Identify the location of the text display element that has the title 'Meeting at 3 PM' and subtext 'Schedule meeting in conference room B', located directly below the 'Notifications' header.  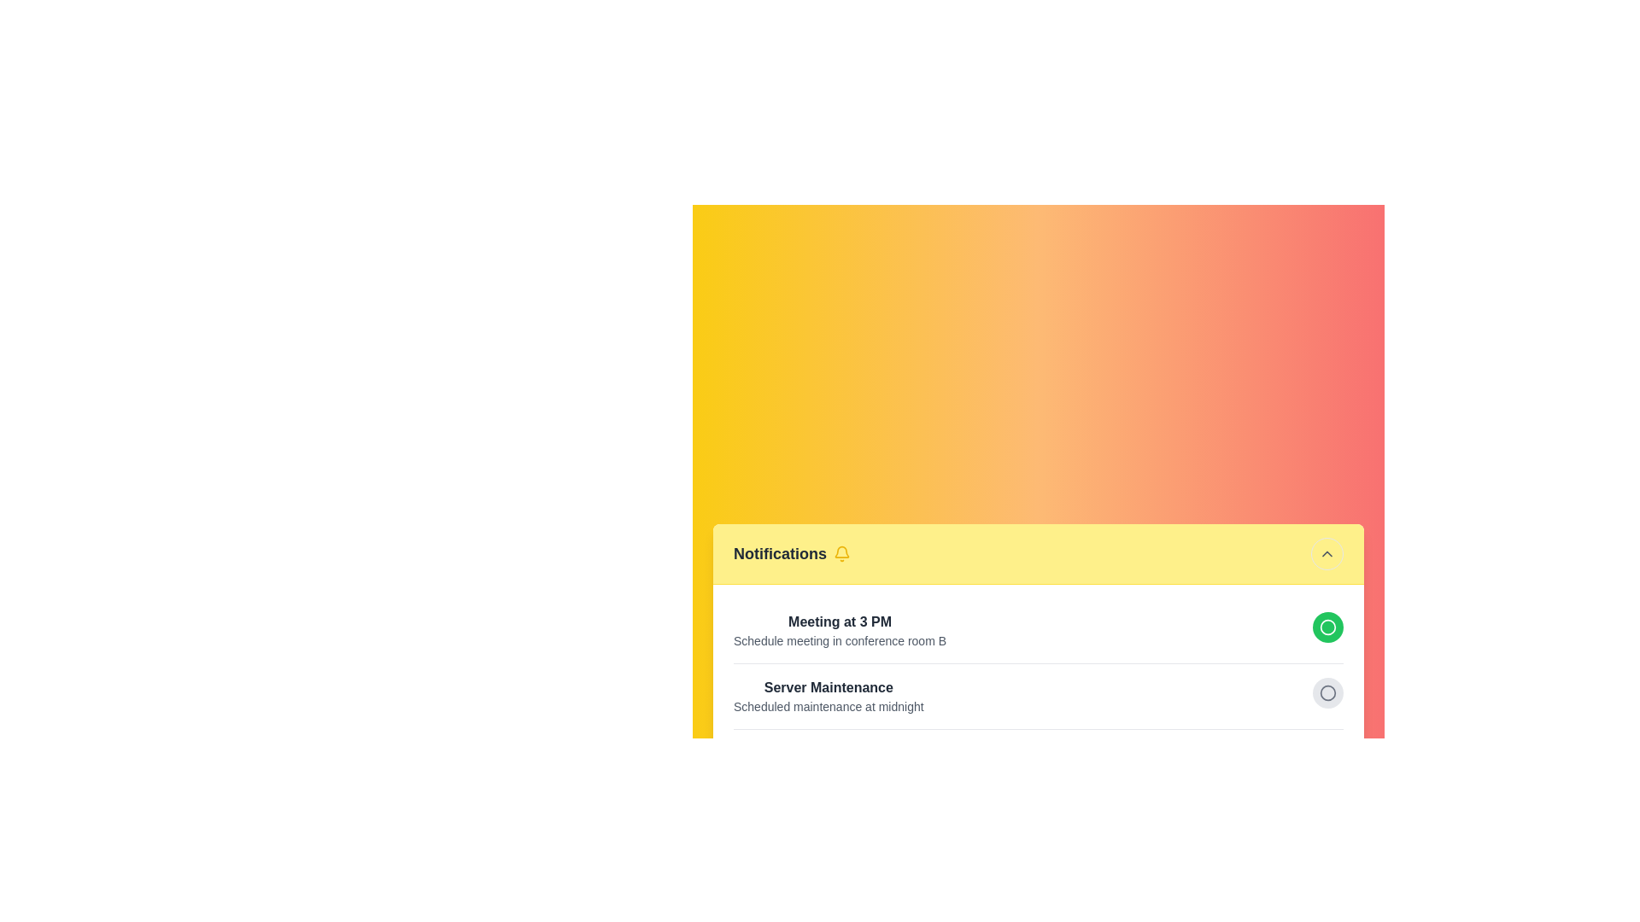
(840, 630).